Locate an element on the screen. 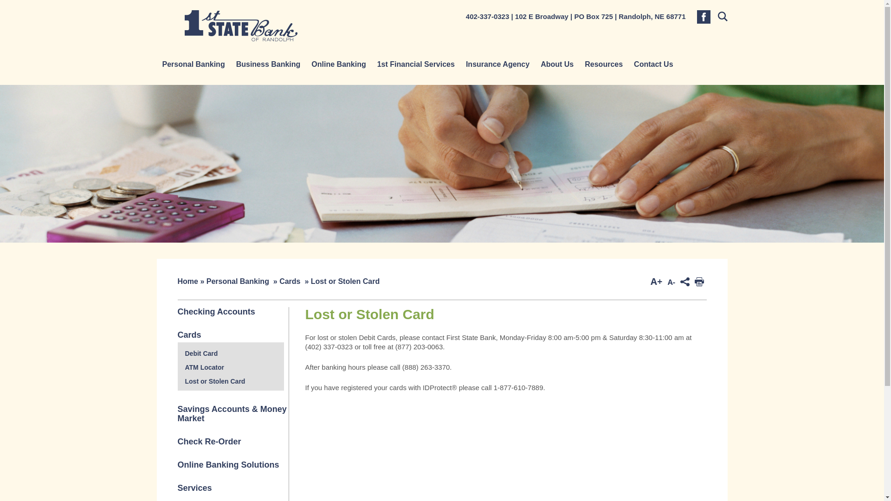 The height and width of the screenshot is (501, 891). 'About Us' is located at coordinates (557, 64).